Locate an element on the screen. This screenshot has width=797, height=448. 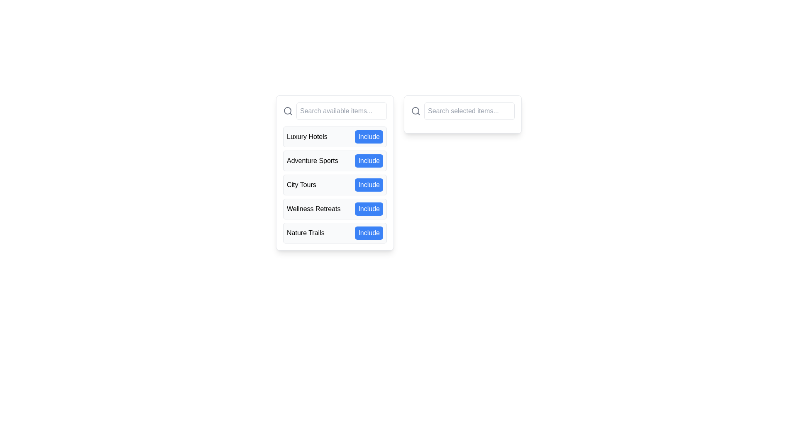
inside the search bar located in the top-right quadrant of the interface to input a search query is located at coordinates (462, 114).